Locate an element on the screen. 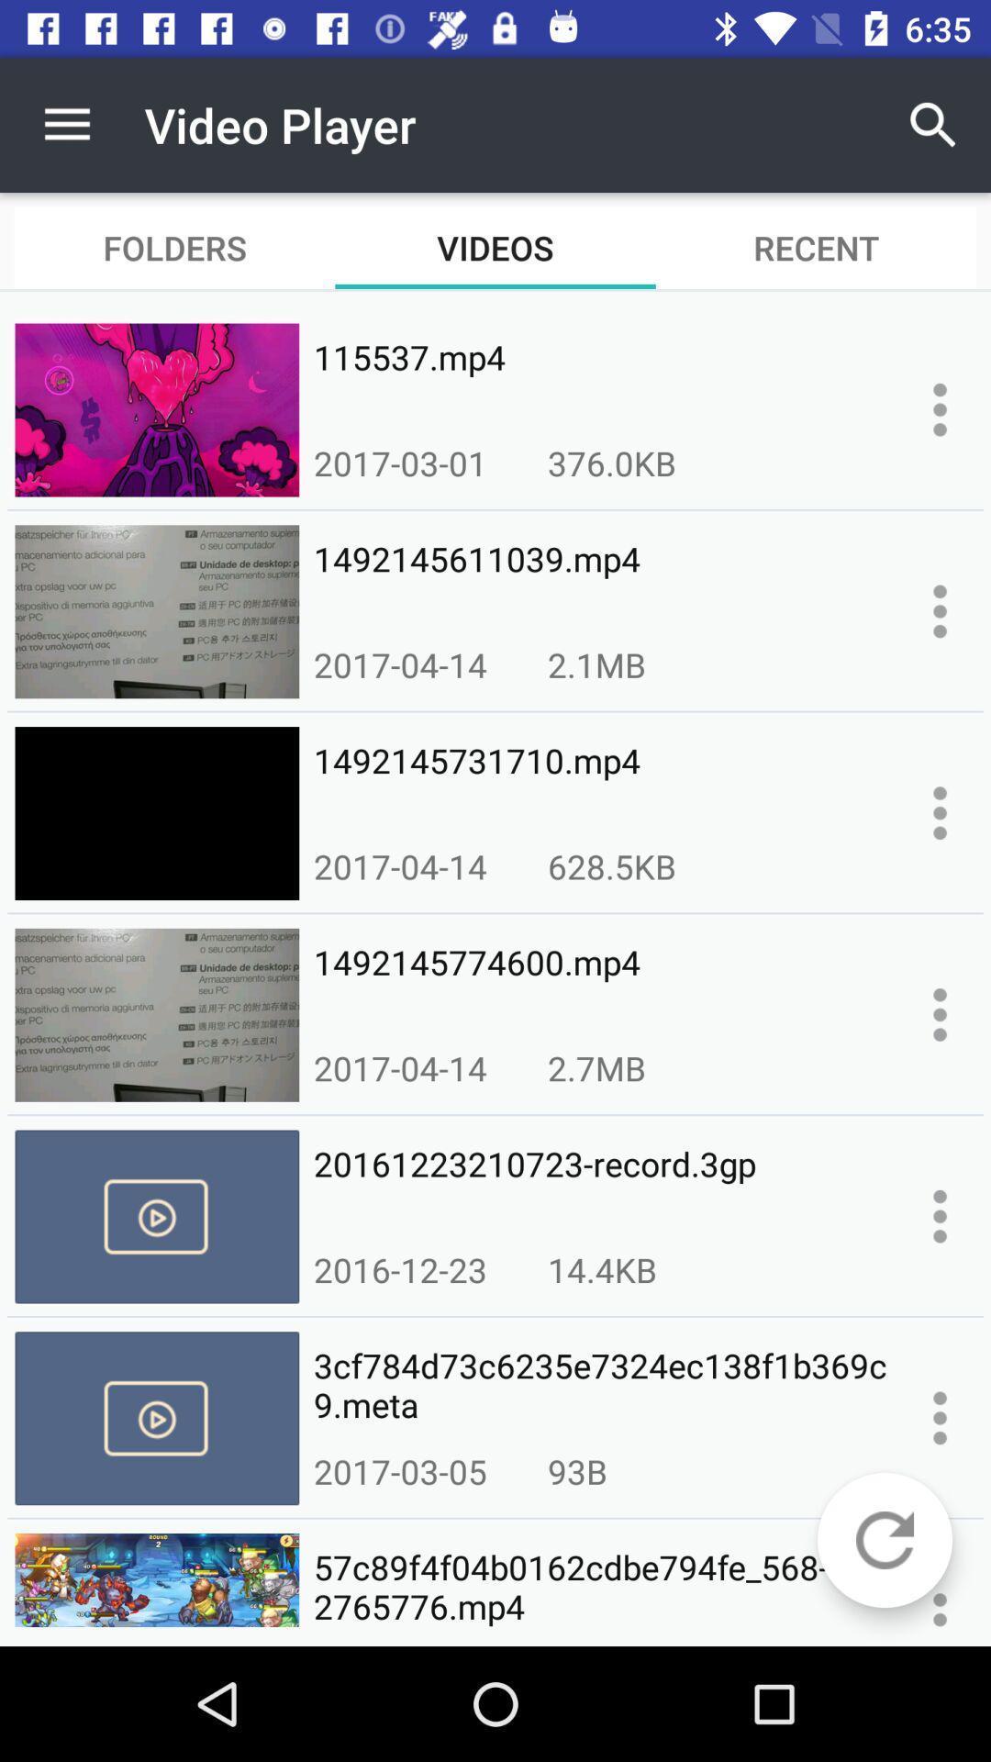 This screenshot has width=991, height=1762. icon below 2017-03-05 is located at coordinates (601, 1587).